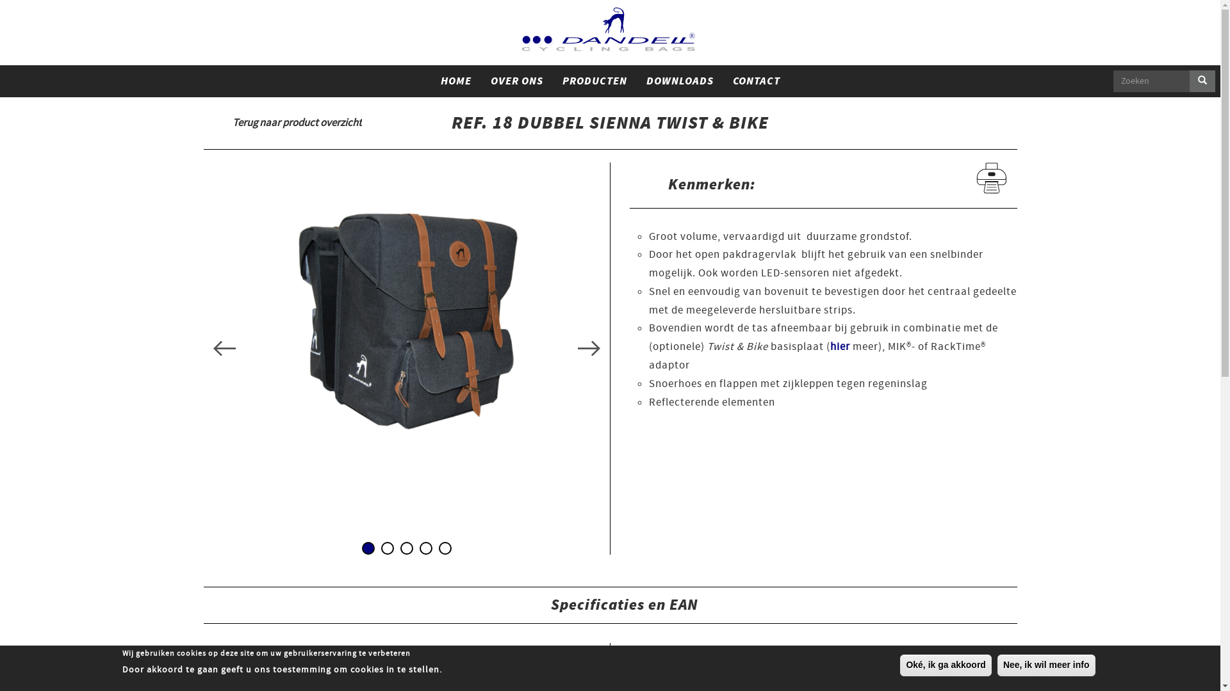  What do you see at coordinates (224, 349) in the screenshot?
I see `'Previous'` at bounding box center [224, 349].